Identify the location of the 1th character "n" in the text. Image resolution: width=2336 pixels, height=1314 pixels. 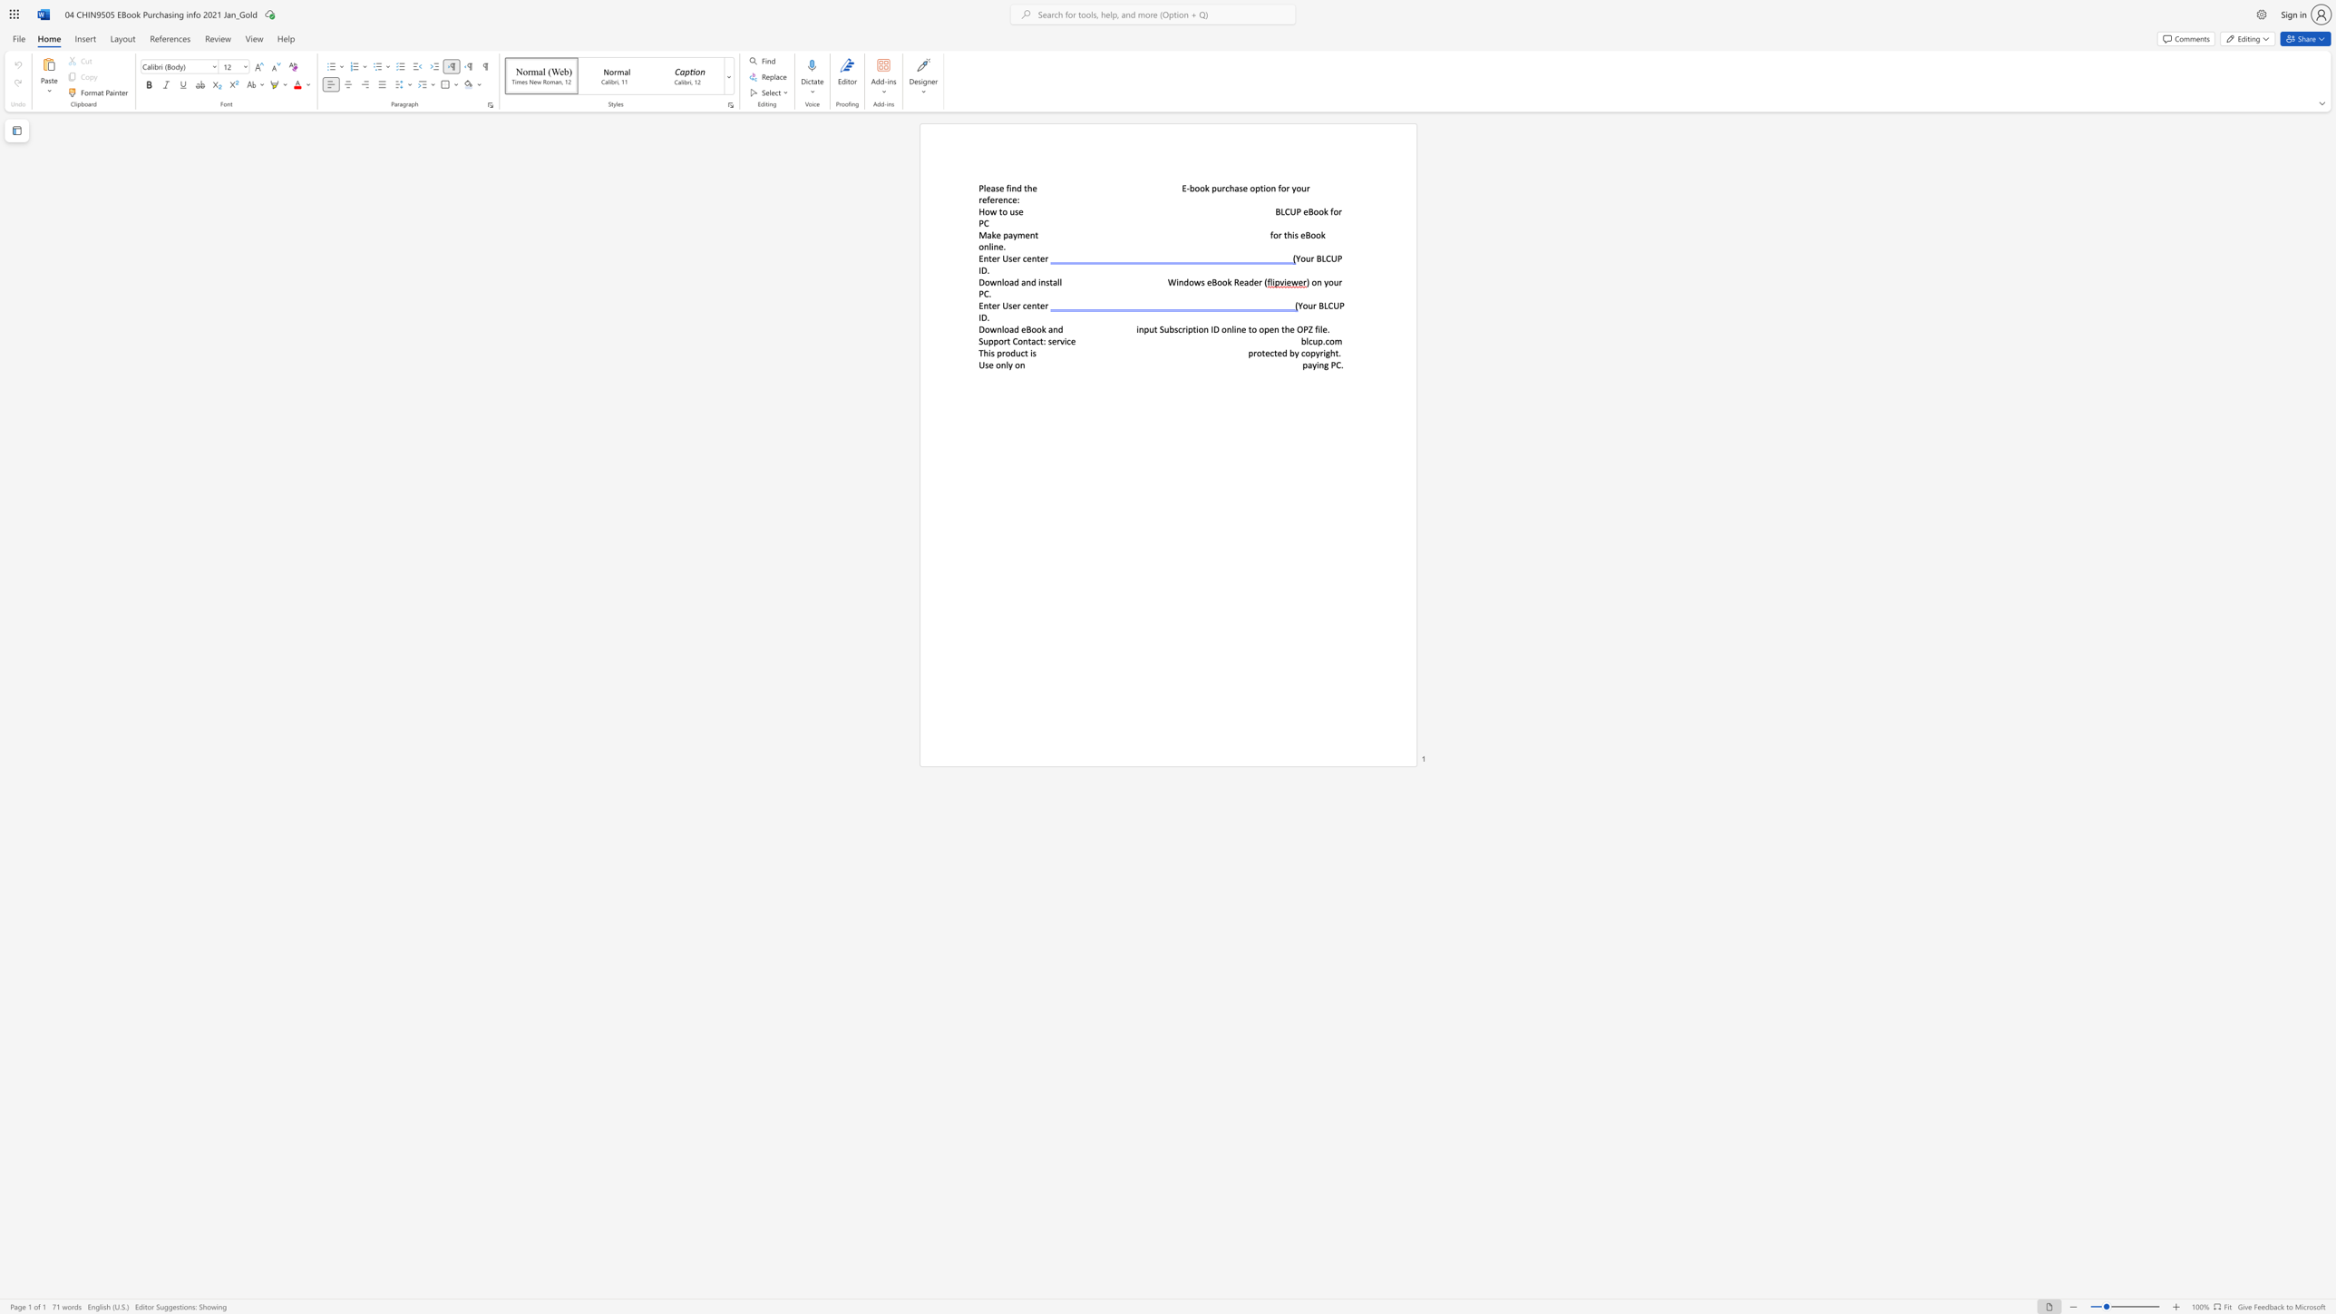
(986, 258).